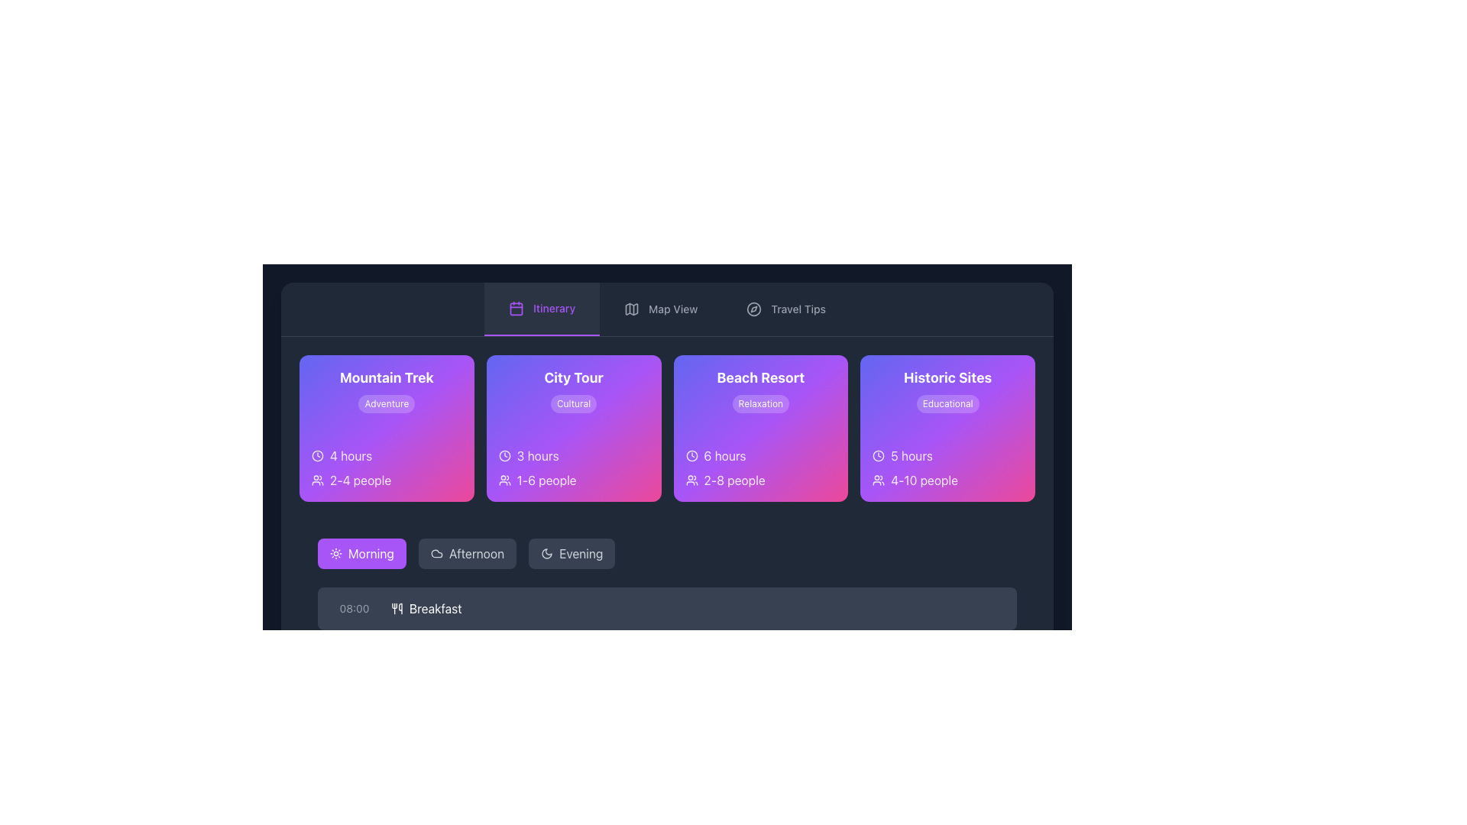 The image size is (1467, 825). Describe the element at coordinates (760, 467) in the screenshot. I see `the icons accompanying the text block located in the bottom-left portion of the 'Beach Resort' card, beneath the title 'Beach Resort' and subtitle 'Relaxation'` at that location.